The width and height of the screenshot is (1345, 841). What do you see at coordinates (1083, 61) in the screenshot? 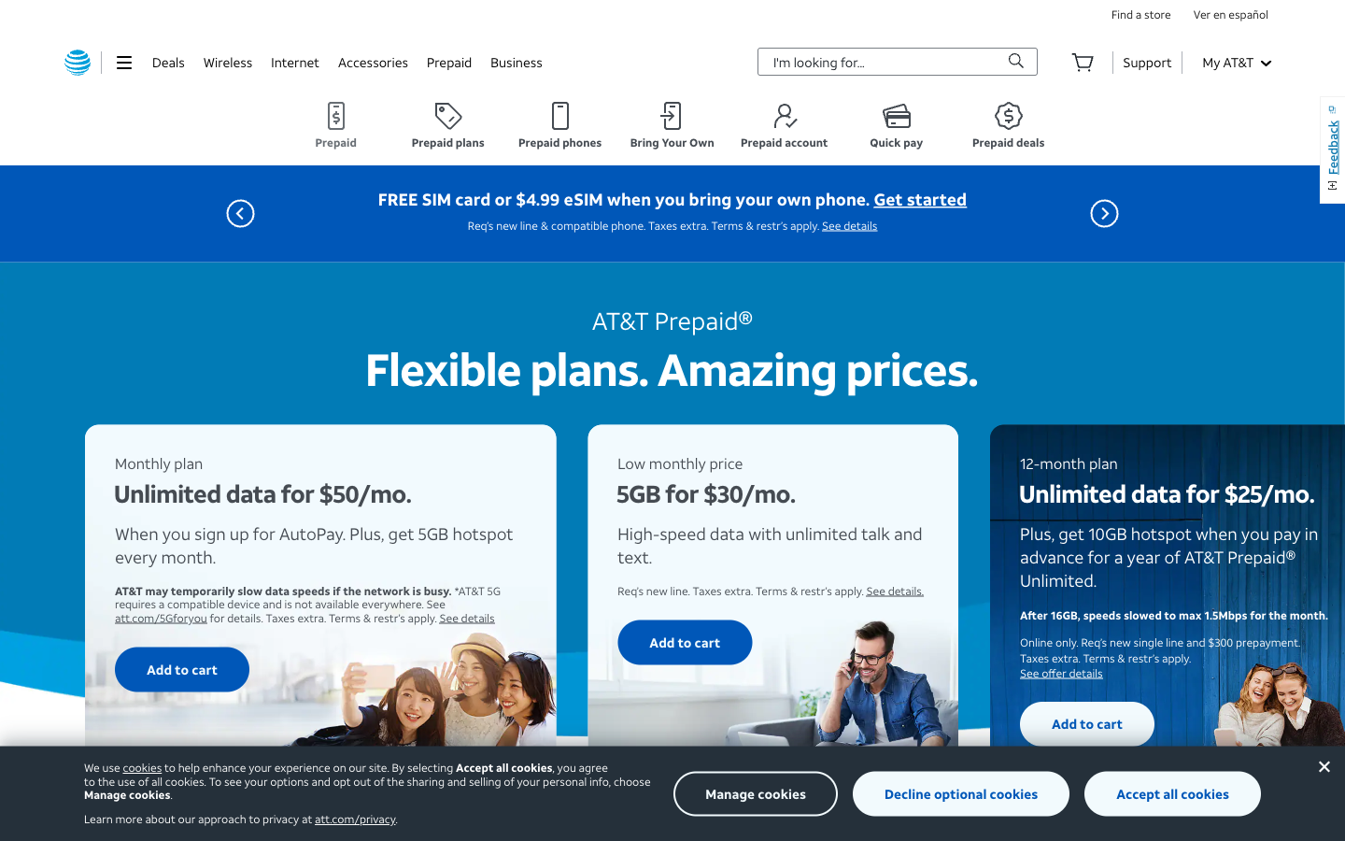
I see `the shopping cart` at bounding box center [1083, 61].